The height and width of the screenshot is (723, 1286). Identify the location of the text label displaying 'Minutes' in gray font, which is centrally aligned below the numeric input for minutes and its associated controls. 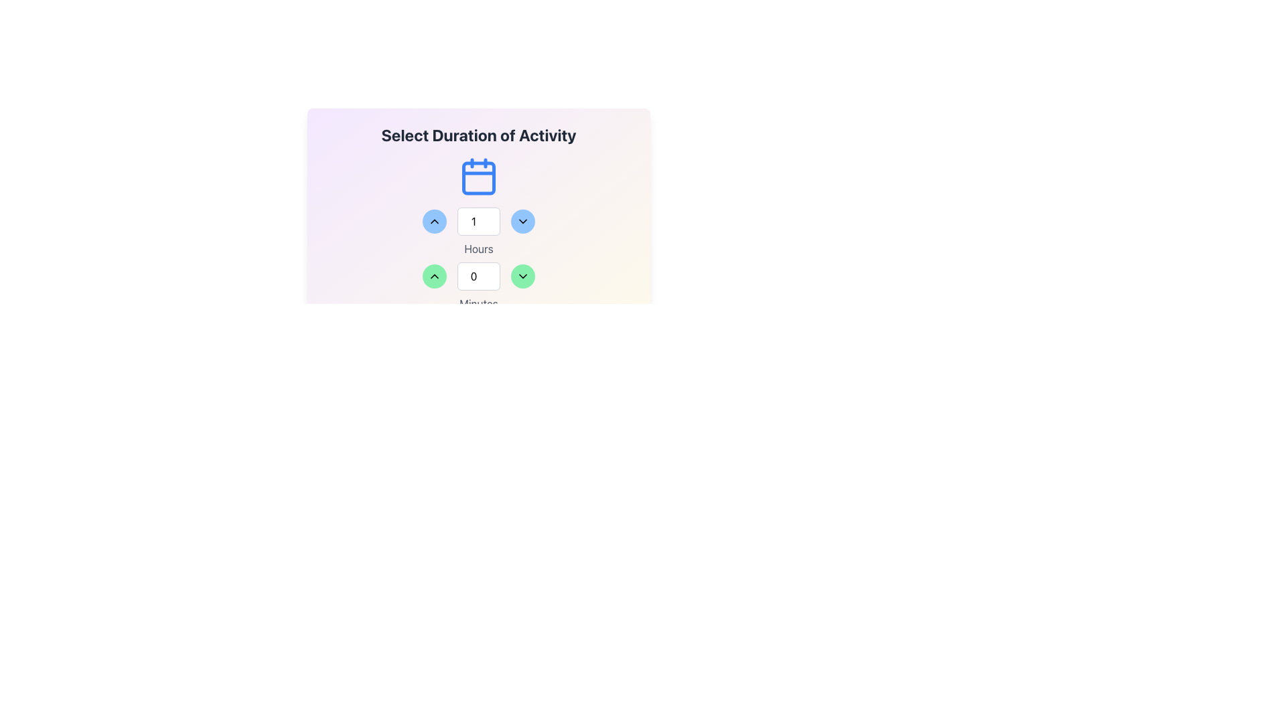
(479, 304).